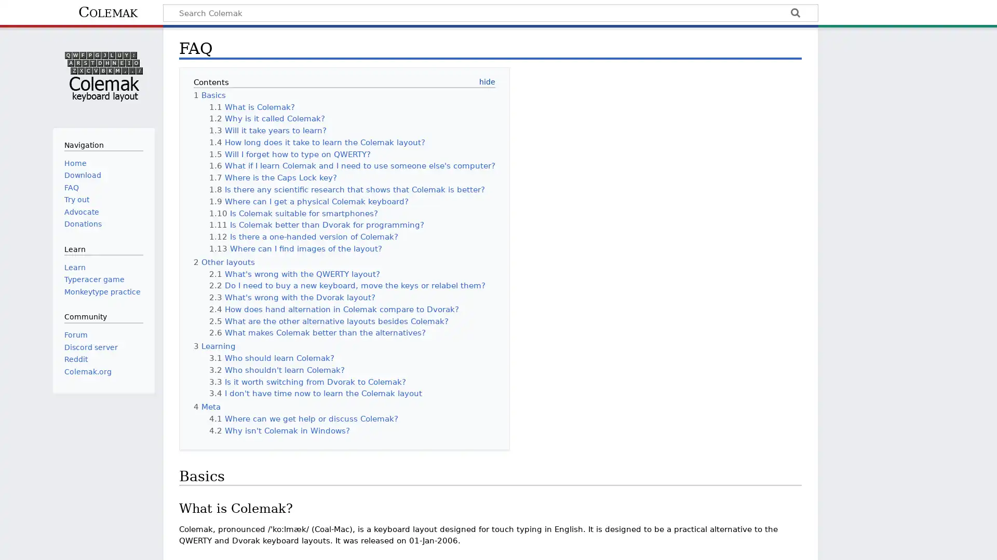 The image size is (997, 560). I want to click on Search, so click(794, 14).